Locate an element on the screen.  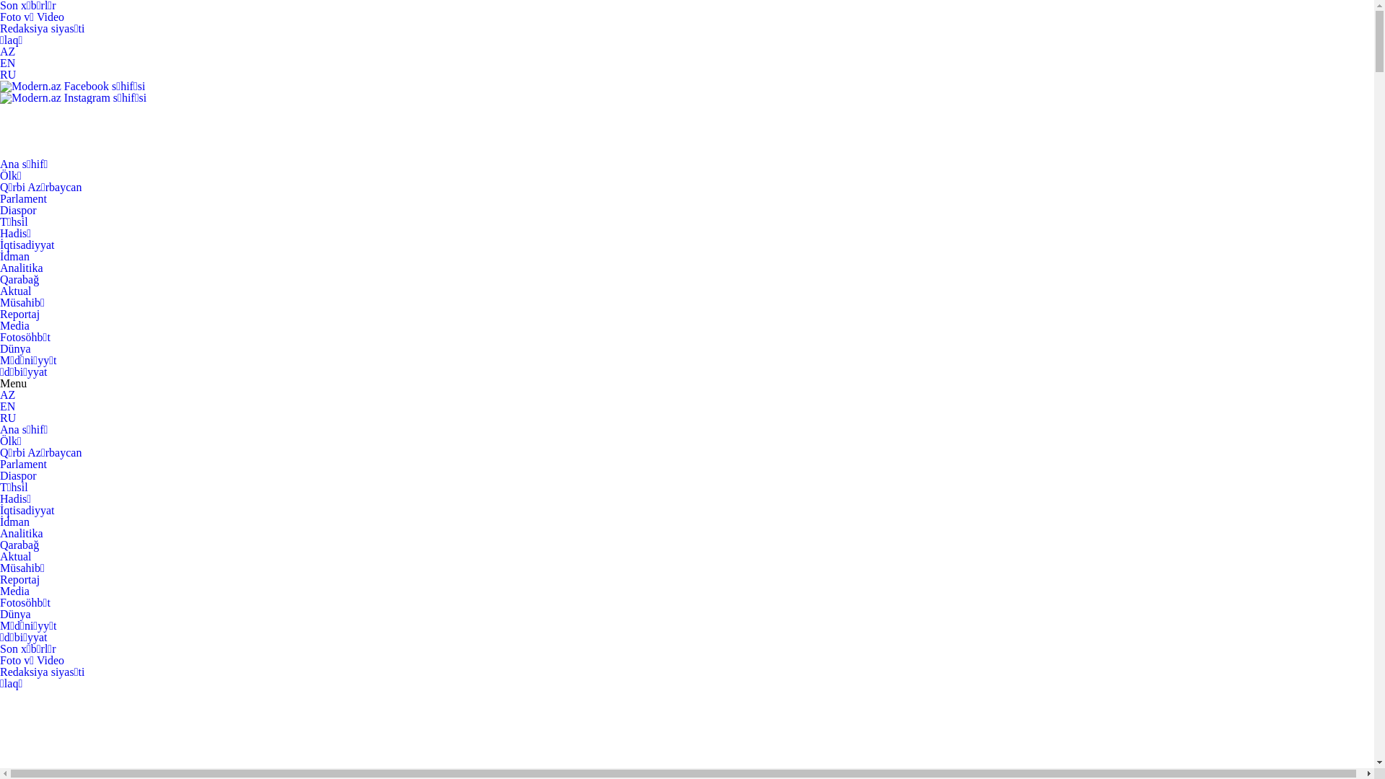
'Diaspor' is located at coordinates (18, 475).